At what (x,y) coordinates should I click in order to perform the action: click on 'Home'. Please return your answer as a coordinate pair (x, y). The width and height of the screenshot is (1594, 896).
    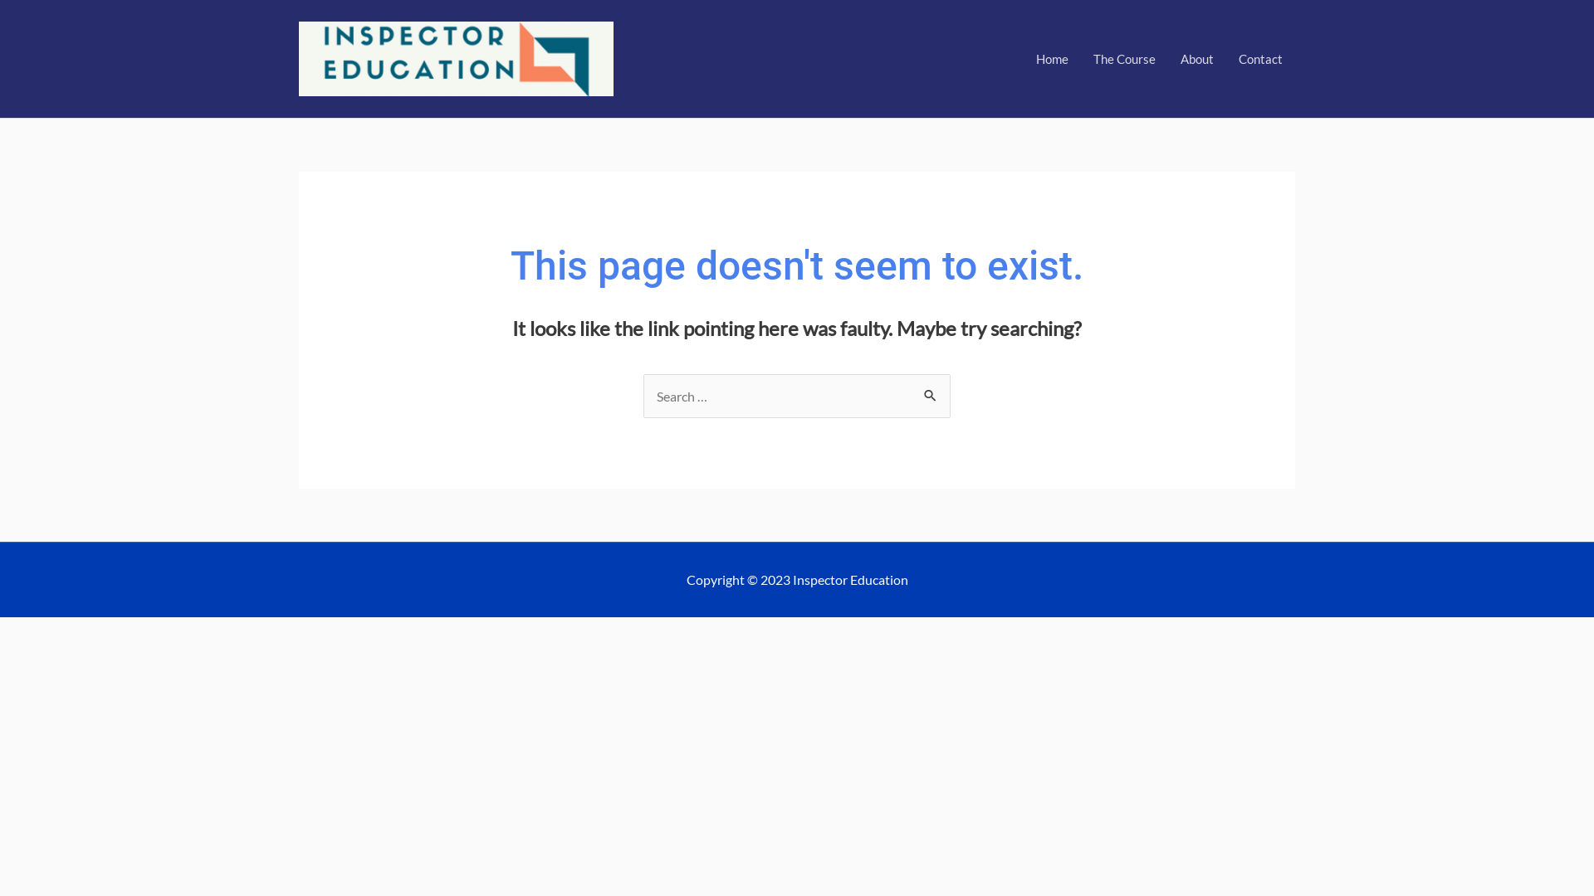
    Looking at the image, I should click on (1051, 57).